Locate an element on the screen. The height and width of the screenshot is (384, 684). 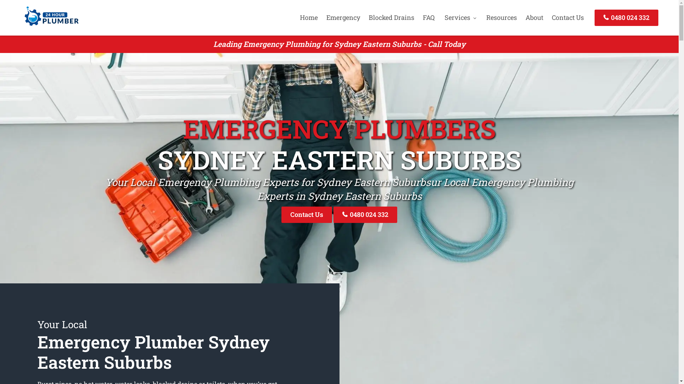
'Home' is located at coordinates (309, 17).